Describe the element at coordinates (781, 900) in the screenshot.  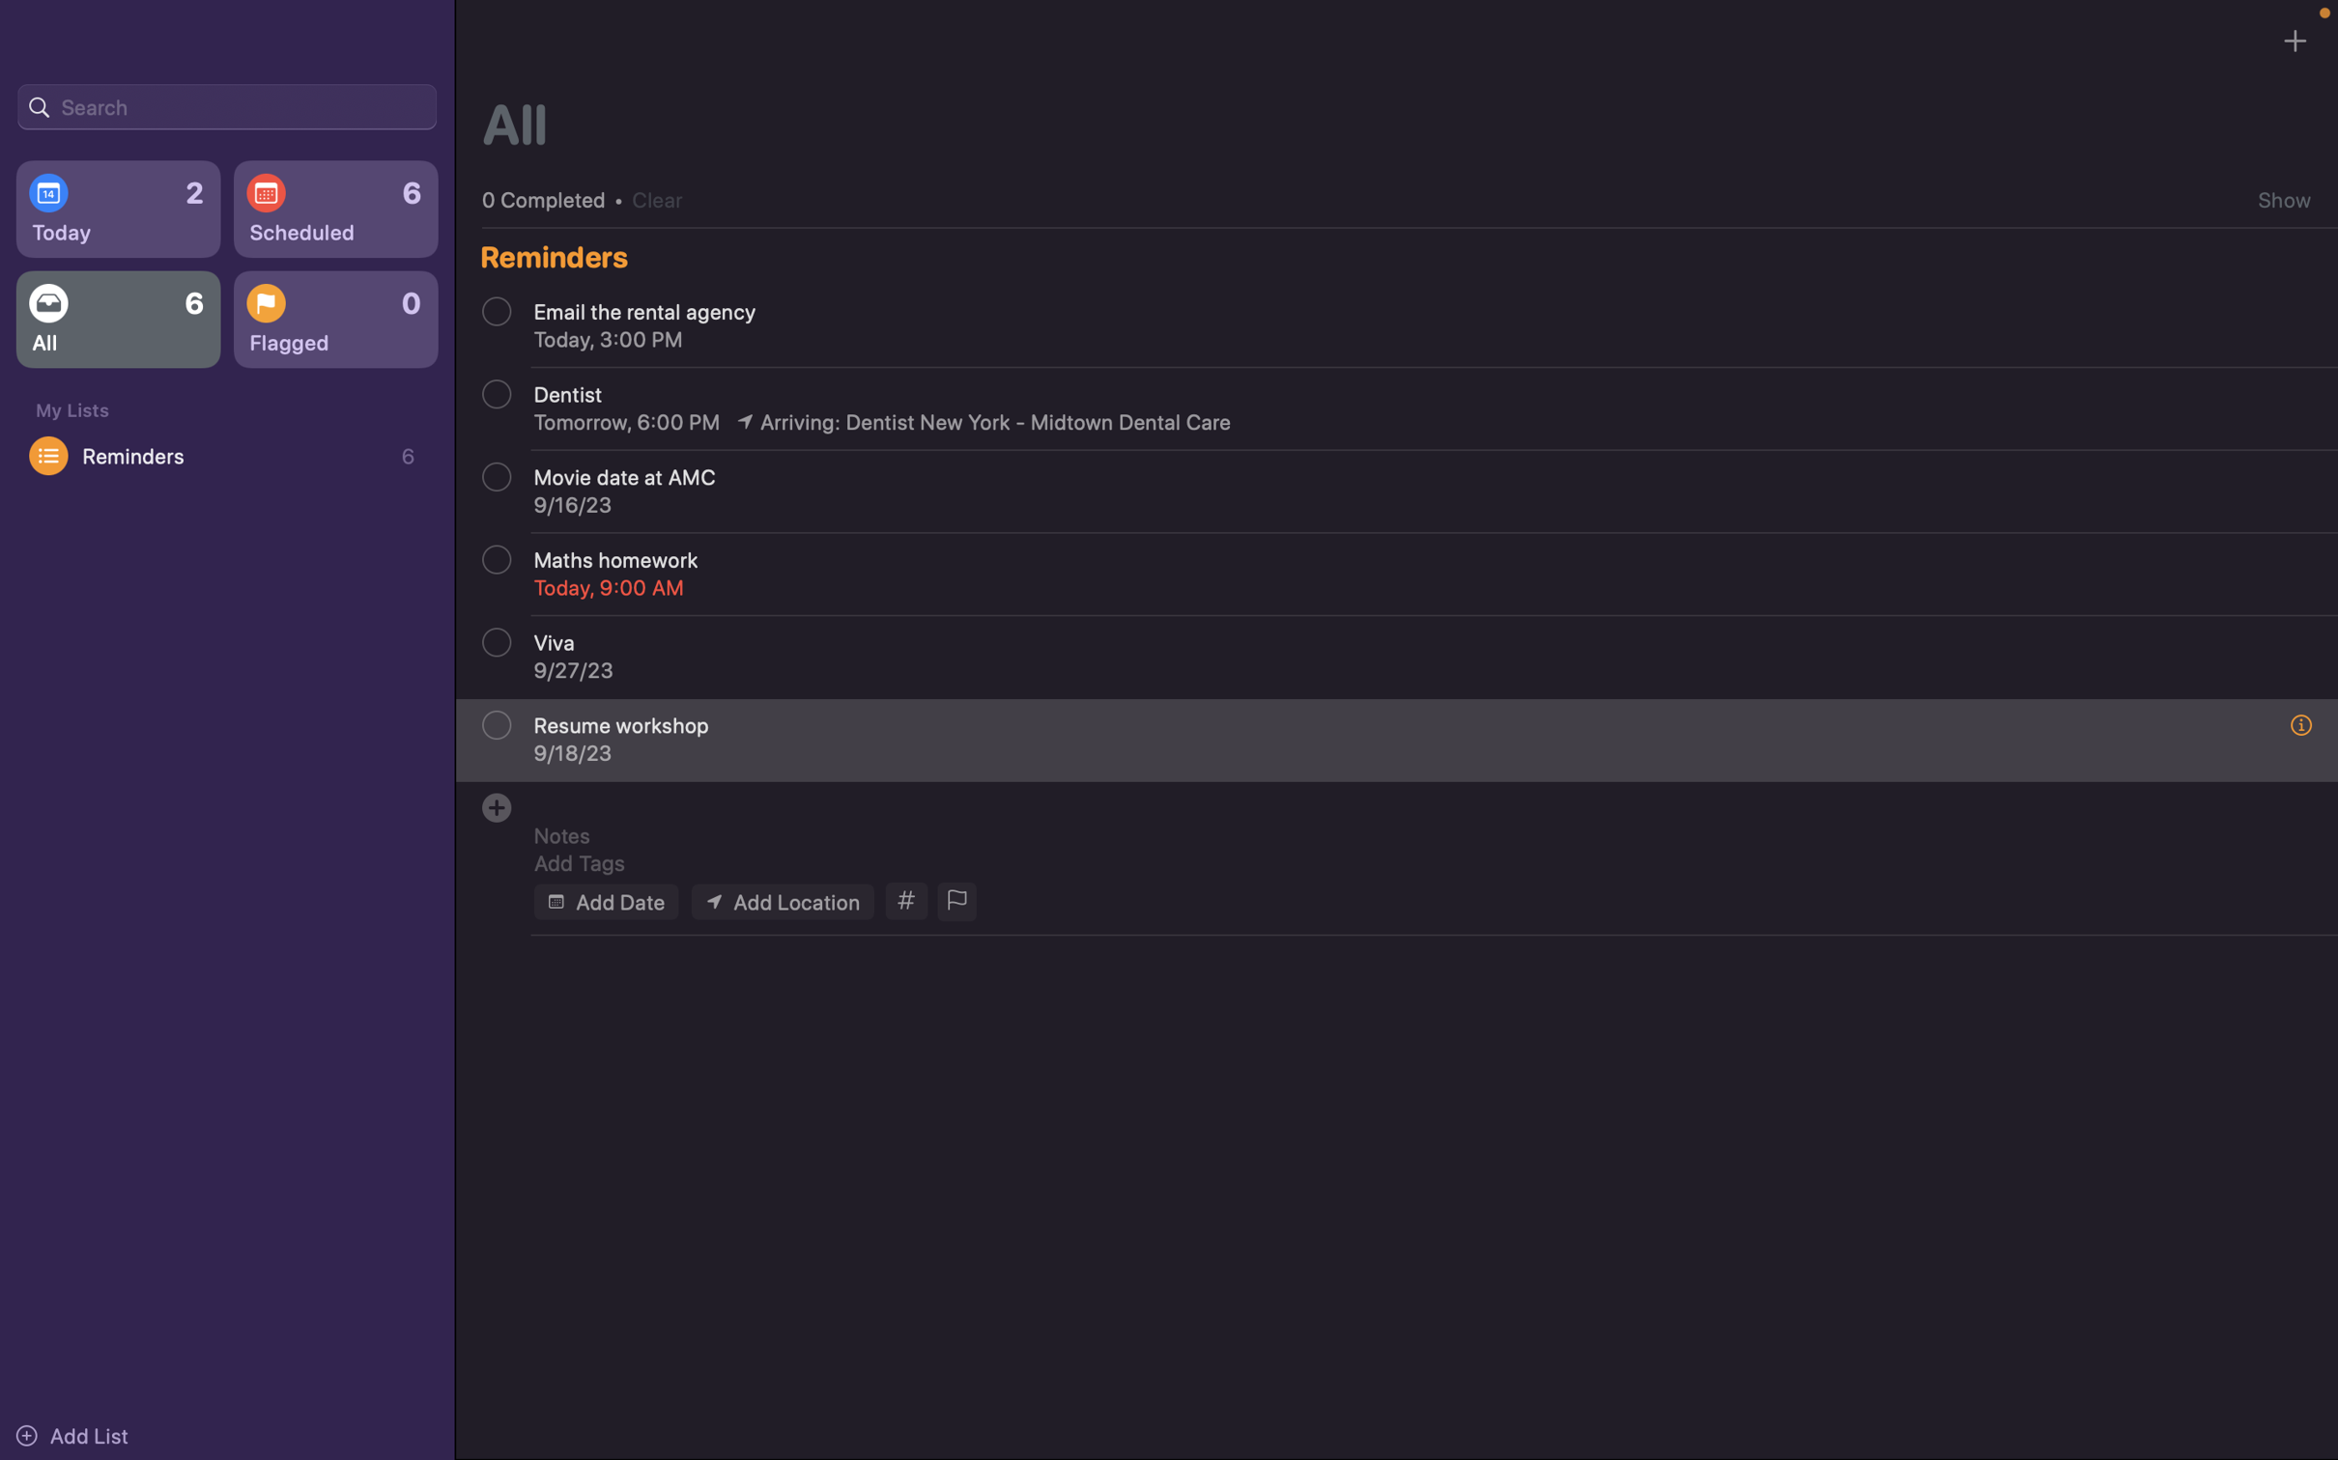
I see `Enter "Zoom meeting" as the event location` at that location.